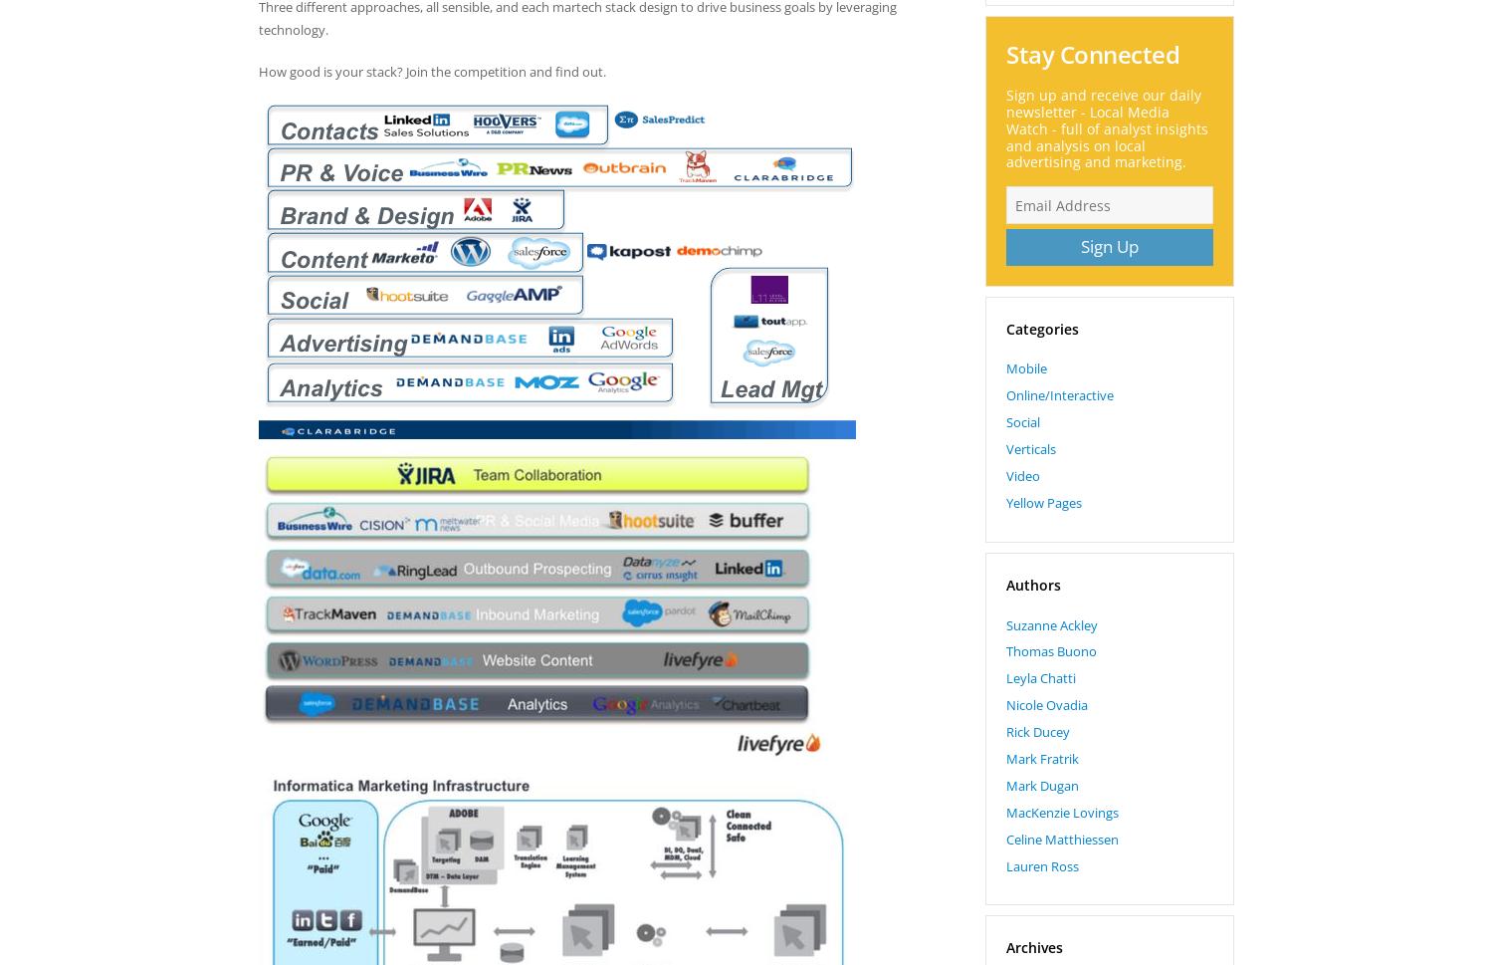  Describe the element at coordinates (1026, 367) in the screenshot. I see `'Mobile'` at that location.